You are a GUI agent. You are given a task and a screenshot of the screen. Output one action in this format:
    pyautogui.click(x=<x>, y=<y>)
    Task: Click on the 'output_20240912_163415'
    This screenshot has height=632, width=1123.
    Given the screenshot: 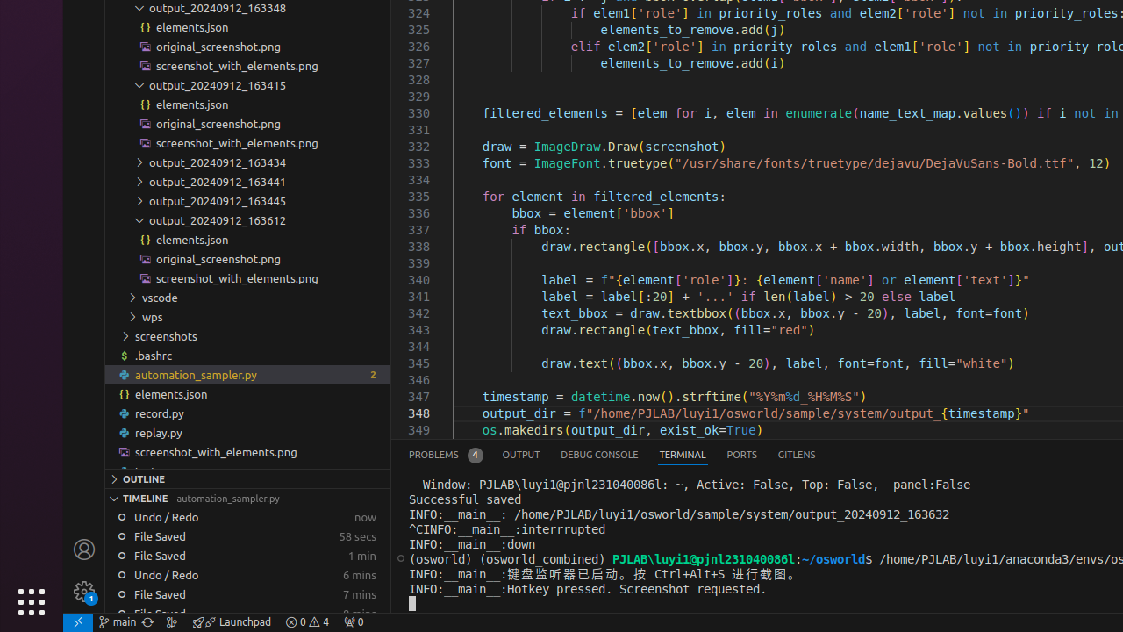 What is the action you would take?
    pyautogui.click(x=247, y=84)
    